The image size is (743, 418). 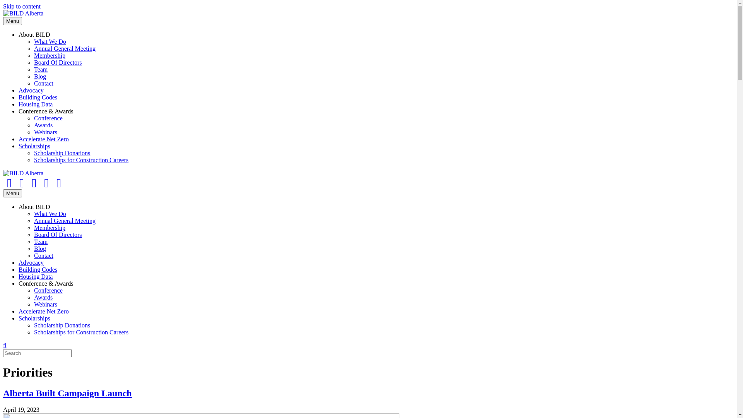 I want to click on 'Scholarships', so click(x=19, y=146).